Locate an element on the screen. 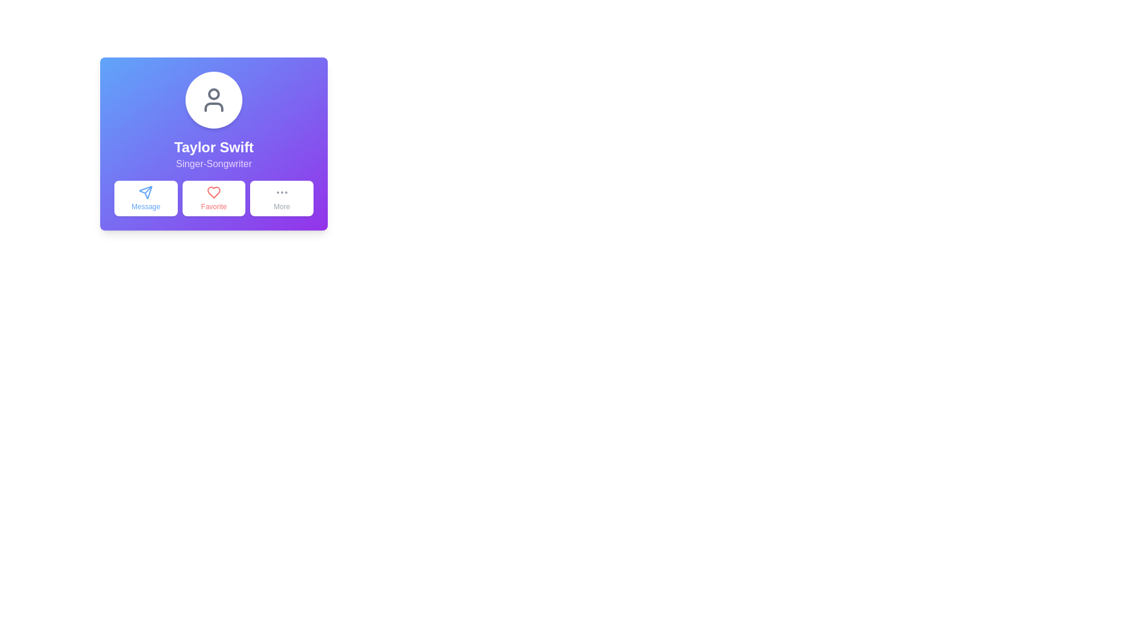  the heart icon inside the 'Favorite' button is located at coordinates (213, 191).